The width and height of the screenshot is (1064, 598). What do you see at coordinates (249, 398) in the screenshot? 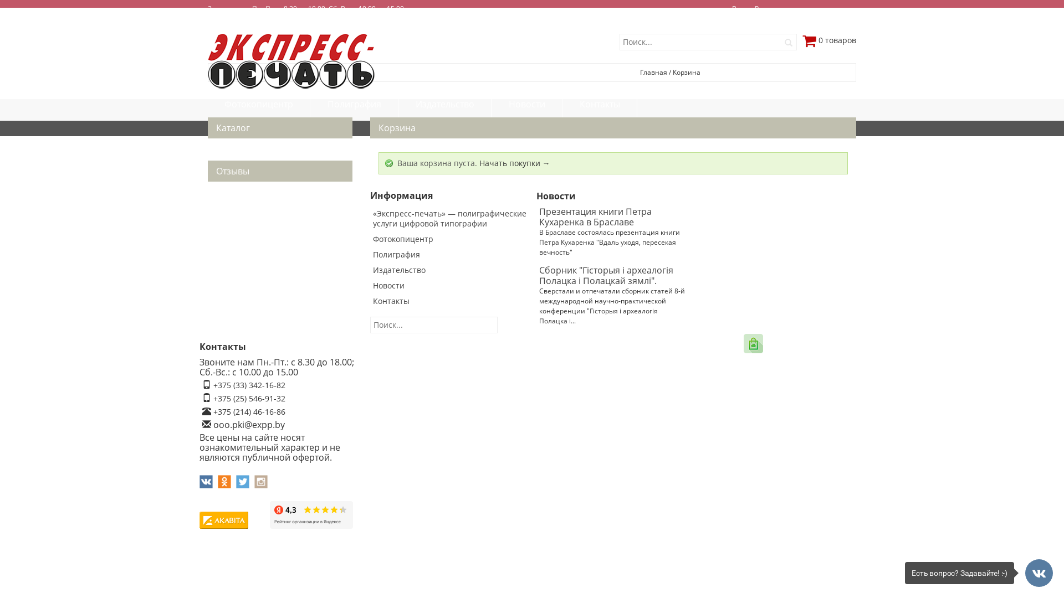
I see `'+375 (25) 546-91-32'` at bounding box center [249, 398].